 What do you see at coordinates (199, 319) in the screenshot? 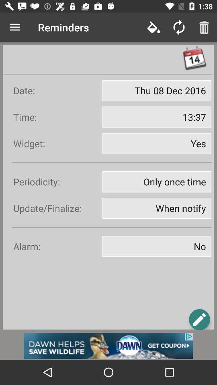
I see `icon page` at bounding box center [199, 319].